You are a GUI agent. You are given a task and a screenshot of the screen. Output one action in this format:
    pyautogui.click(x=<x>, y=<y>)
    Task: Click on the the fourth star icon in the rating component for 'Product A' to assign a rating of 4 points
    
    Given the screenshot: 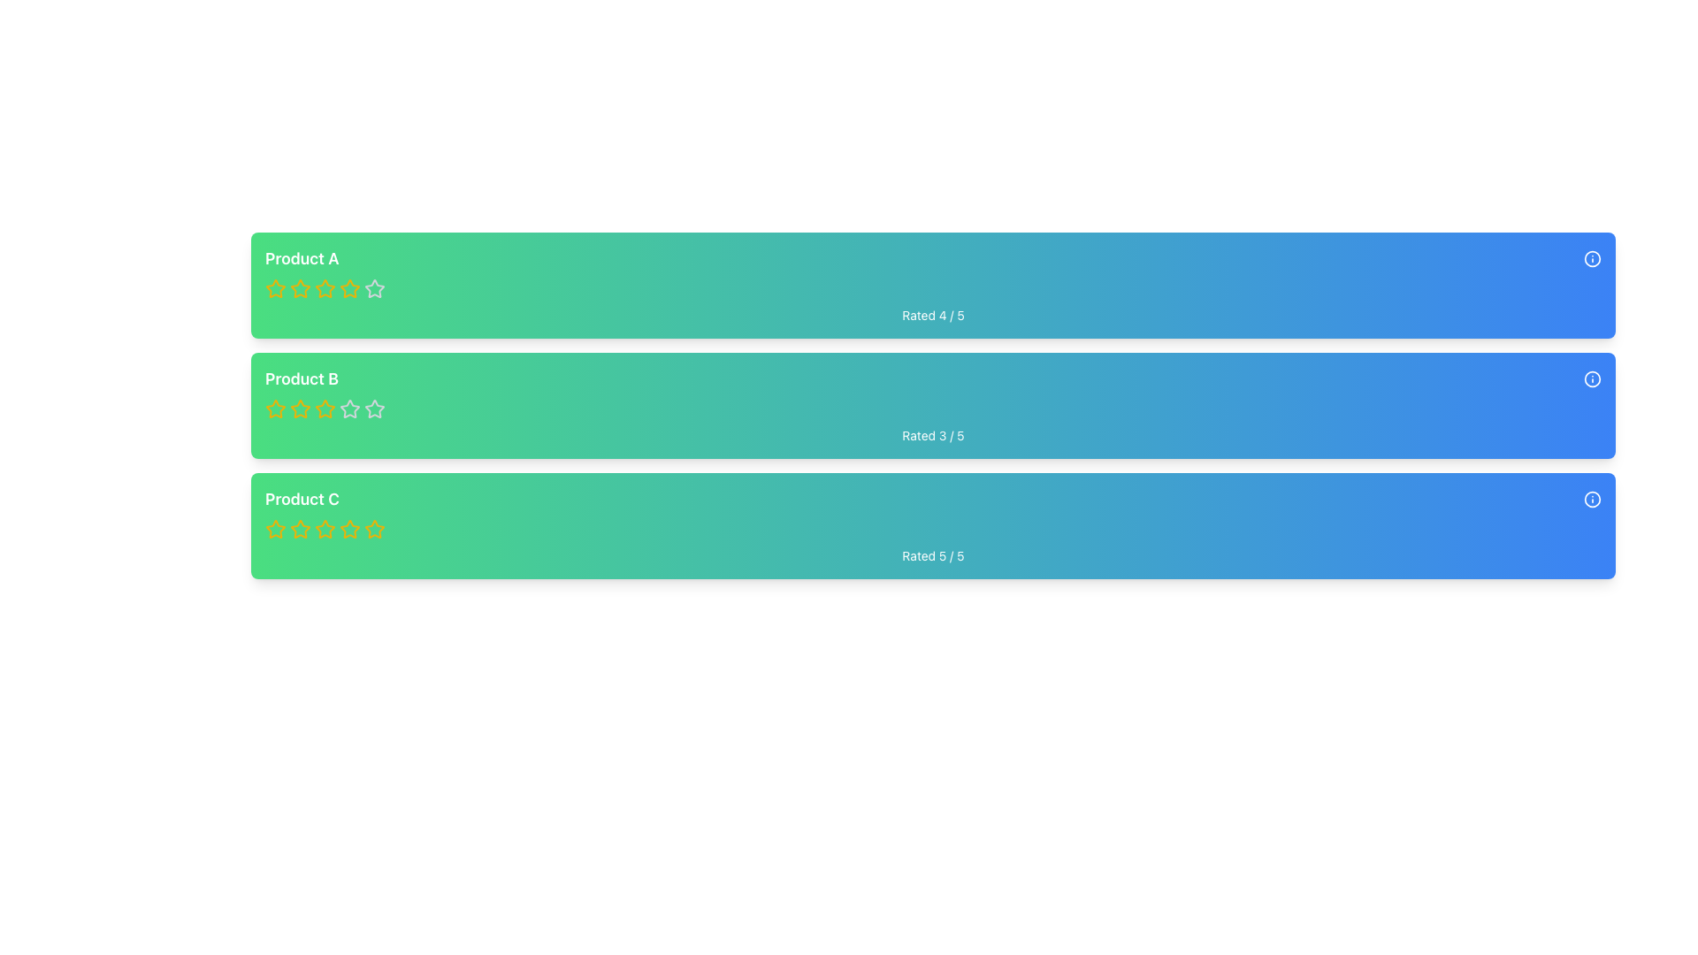 What is the action you would take?
    pyautogui.click(x=373, y=287)
    